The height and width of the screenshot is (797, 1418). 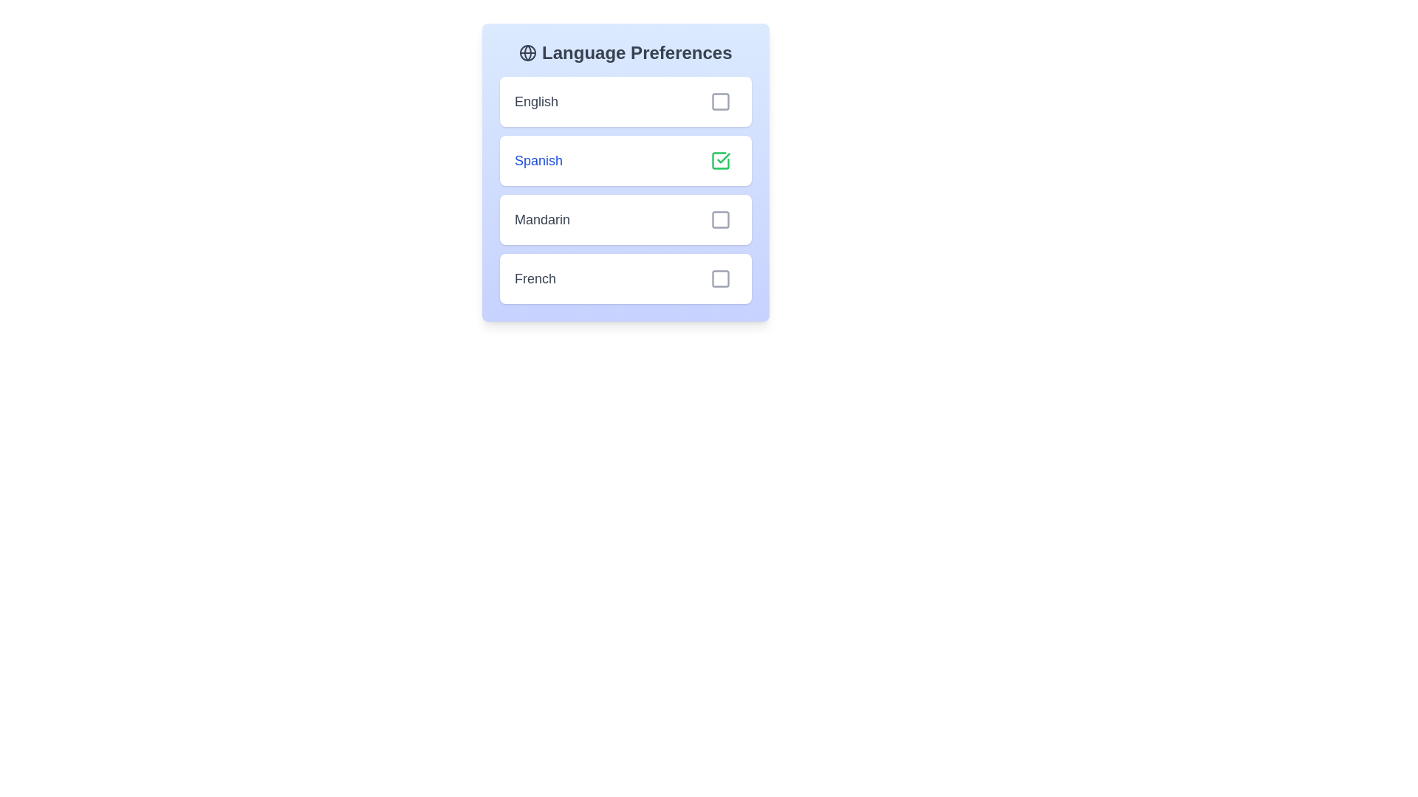 I want to click on the checkbox styled with a thin outline and light gray color, located next to the 'Mandarin' label in the list of language options, so click(x=720, y=219).